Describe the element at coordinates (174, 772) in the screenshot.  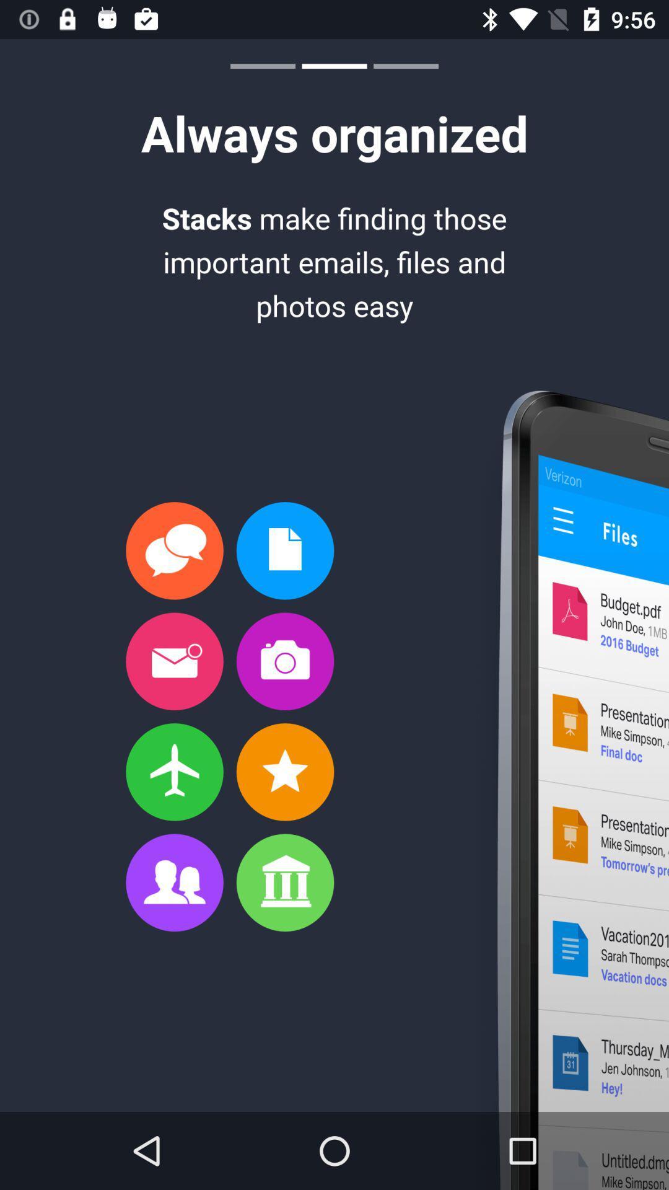
I see `the first option in third row` at that location.